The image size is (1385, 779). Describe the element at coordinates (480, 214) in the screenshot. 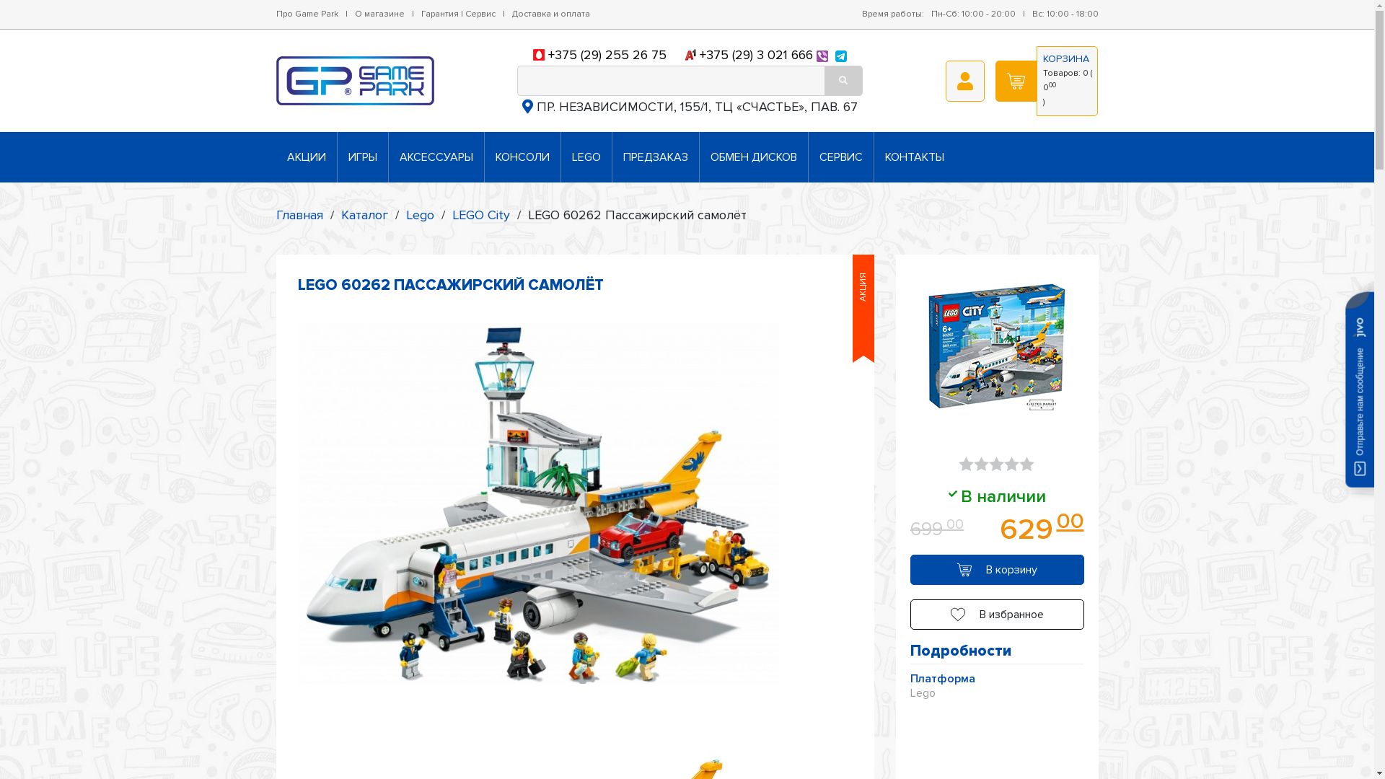

I see `'LEGO City'` at that location.